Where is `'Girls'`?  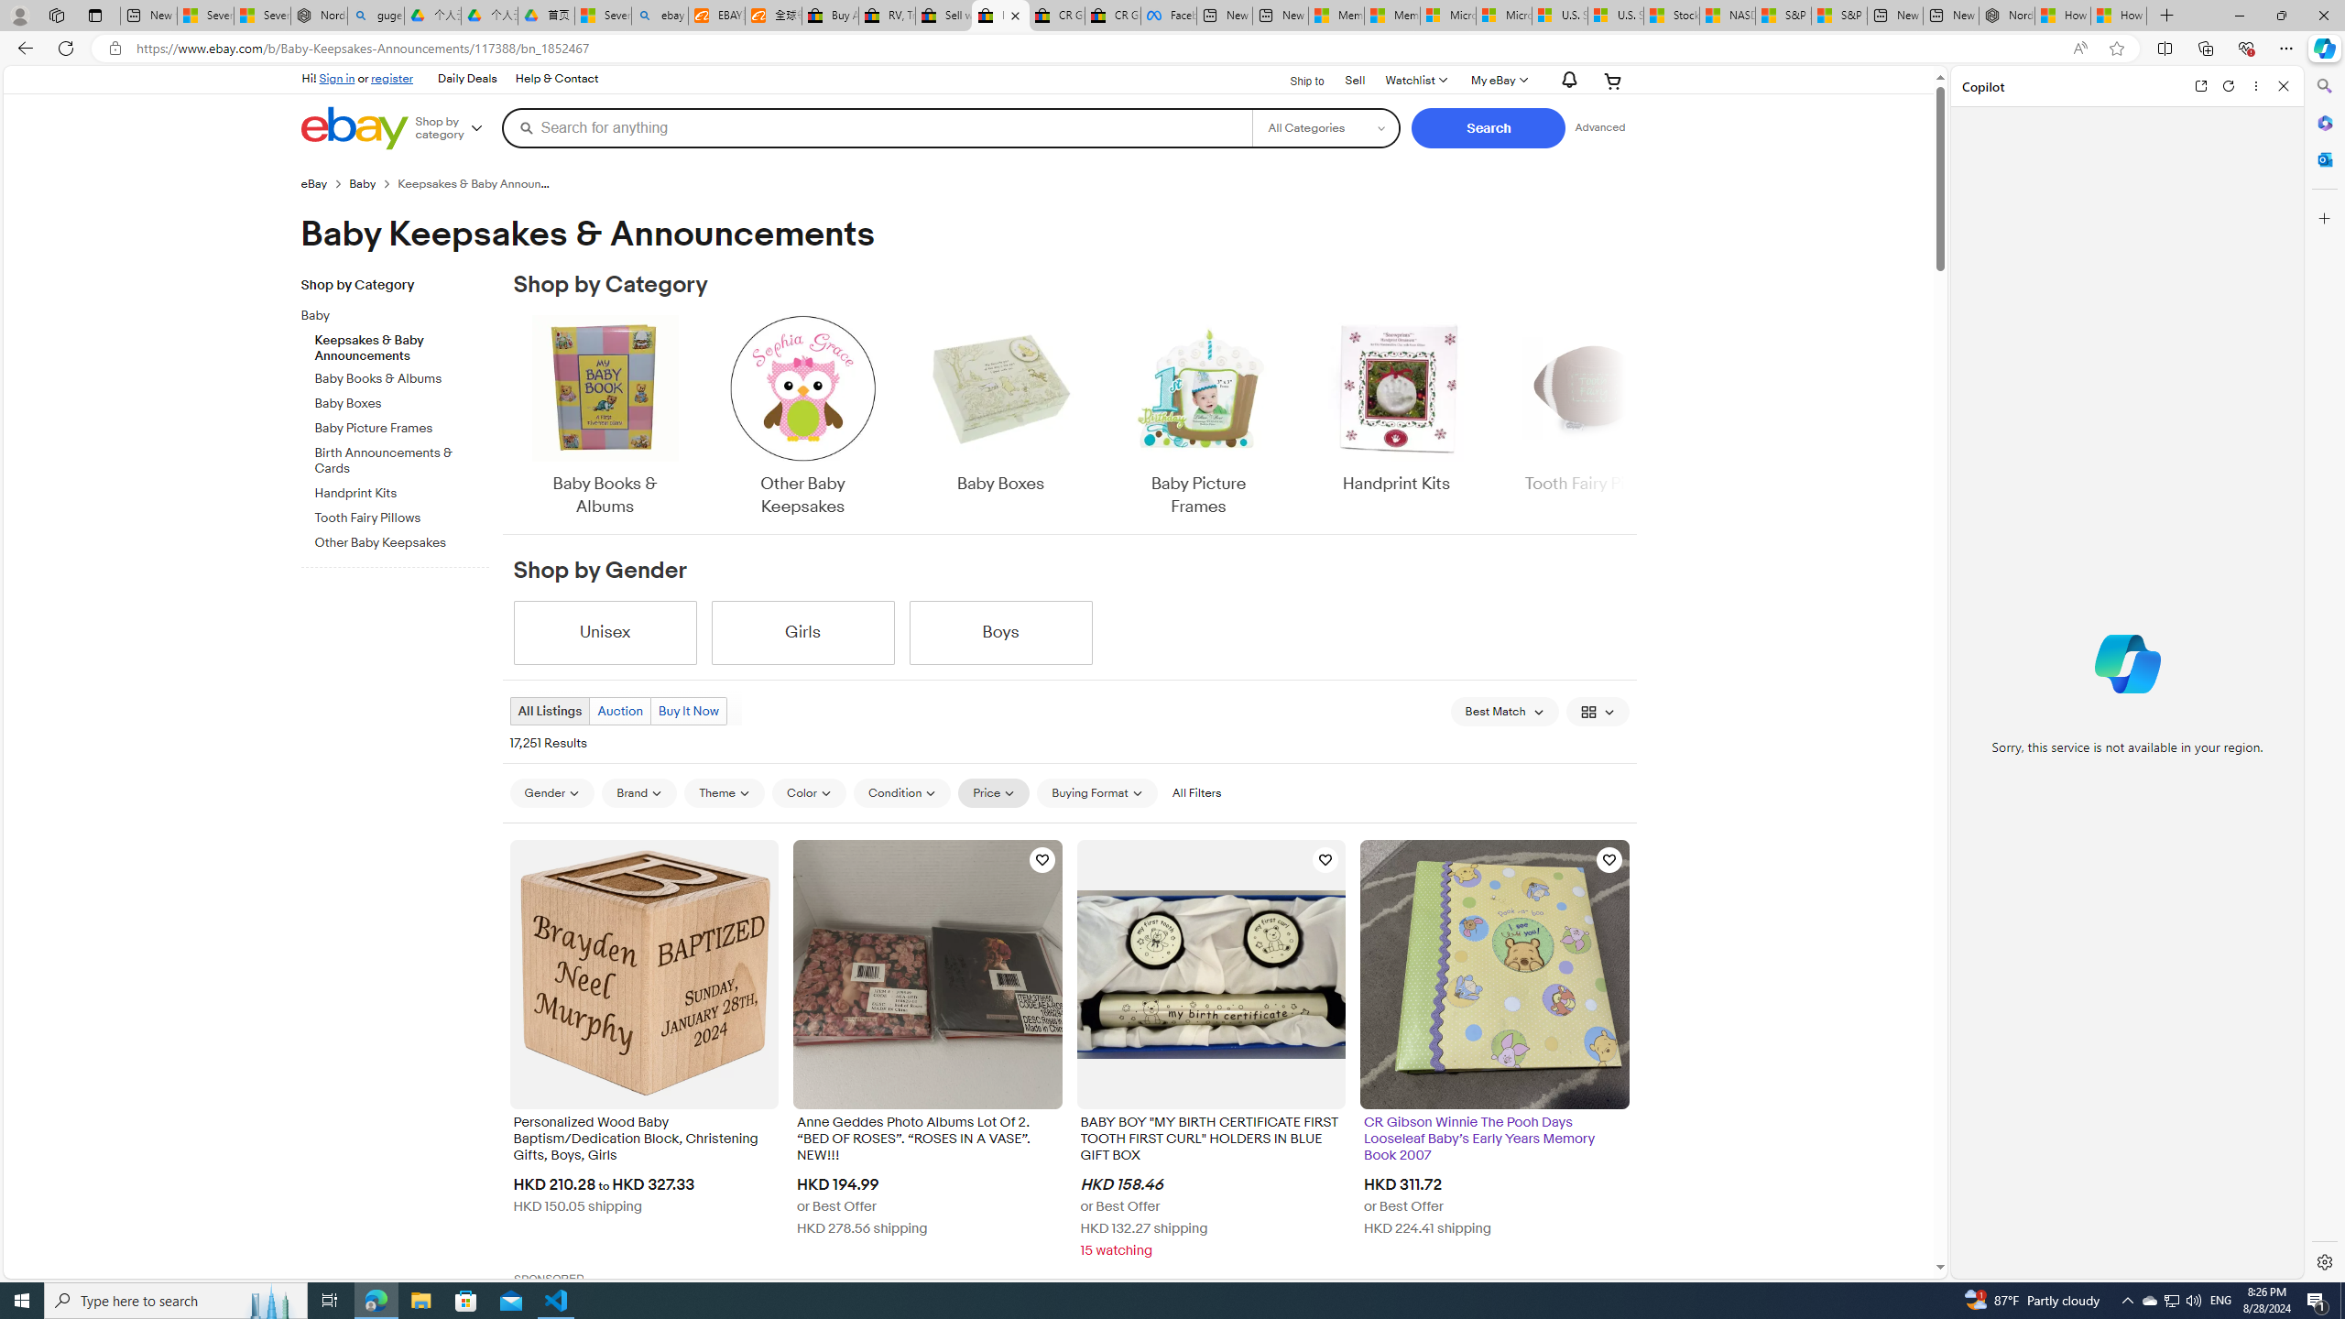
'Girls' is located at coordinates (802, 632).